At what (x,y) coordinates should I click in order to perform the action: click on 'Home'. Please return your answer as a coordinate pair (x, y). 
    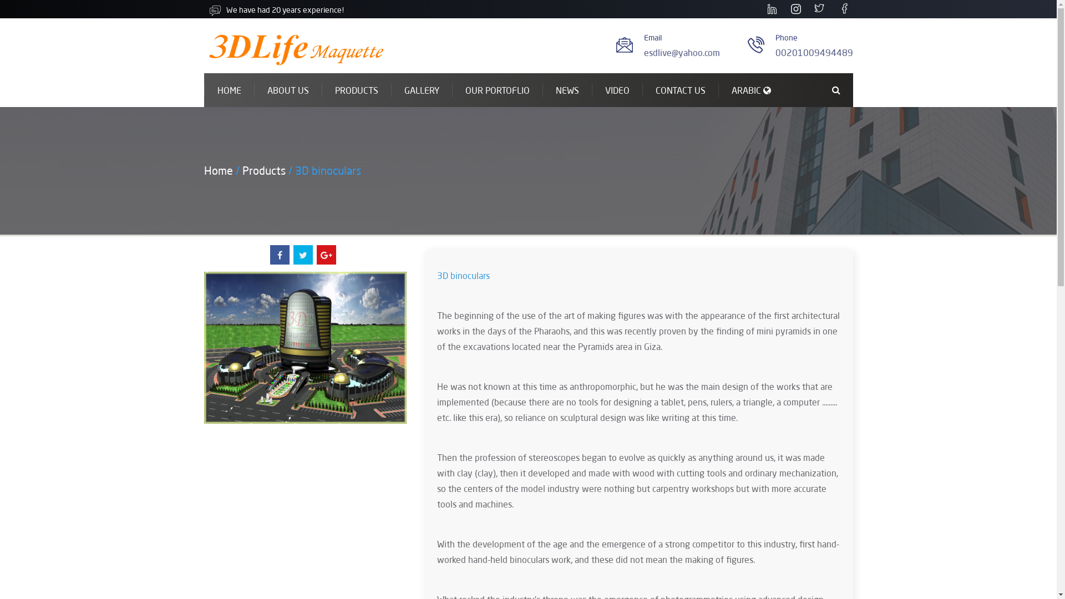
    Looking at the image, I should click on (218, 170).